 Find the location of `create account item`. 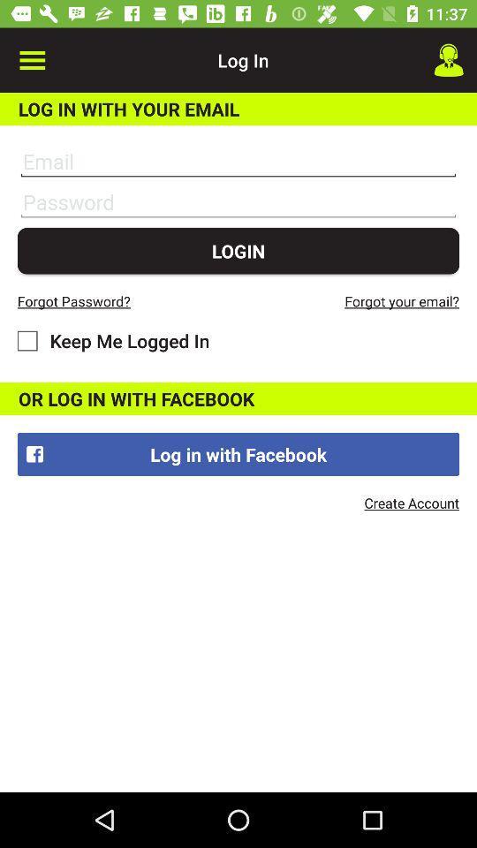

create account item is located at coordinates (412, 503).